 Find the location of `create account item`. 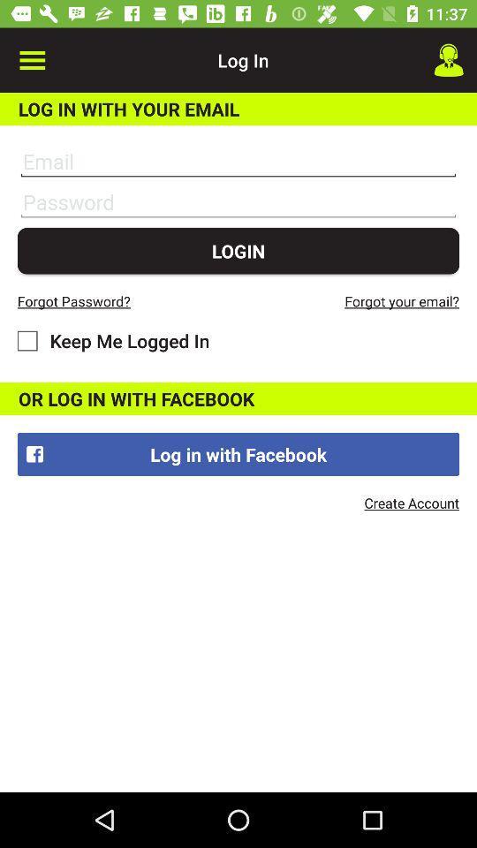

create account item is located at coordinates (412, 503).